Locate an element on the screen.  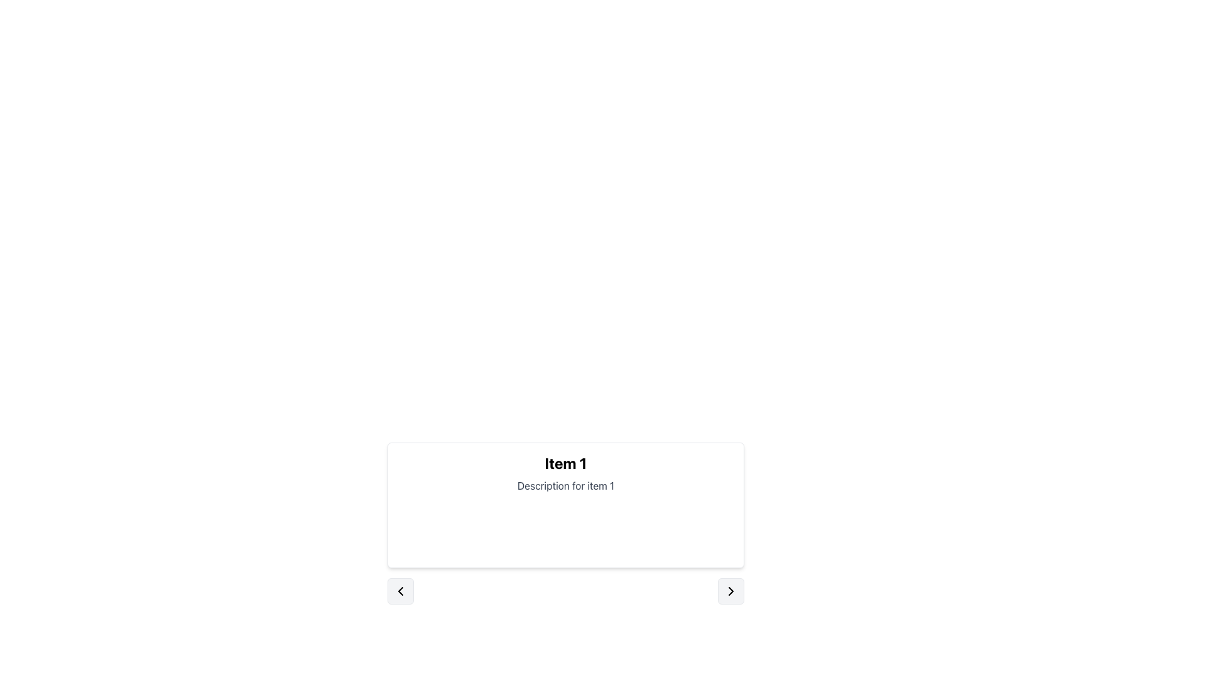
the chevron-right icon, which is an SVG-based arrow icon contained within a white button located at the bottom right corner of the interface is located at coordinates (731, 591).